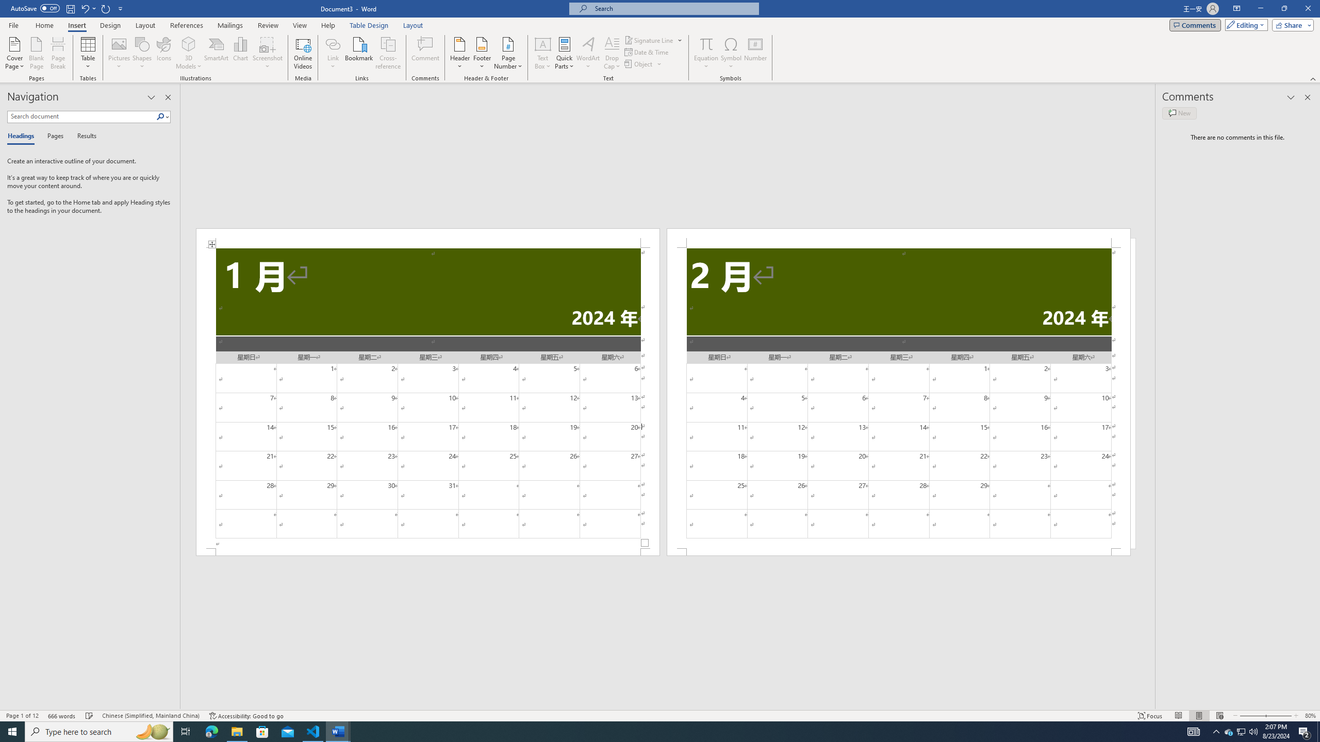 This screenshot has height=742, width=1320. What do you see at coordinates (1198, 716) in the screenshot?
I see `'Print Layout'` at bounding box center [1198, 716].